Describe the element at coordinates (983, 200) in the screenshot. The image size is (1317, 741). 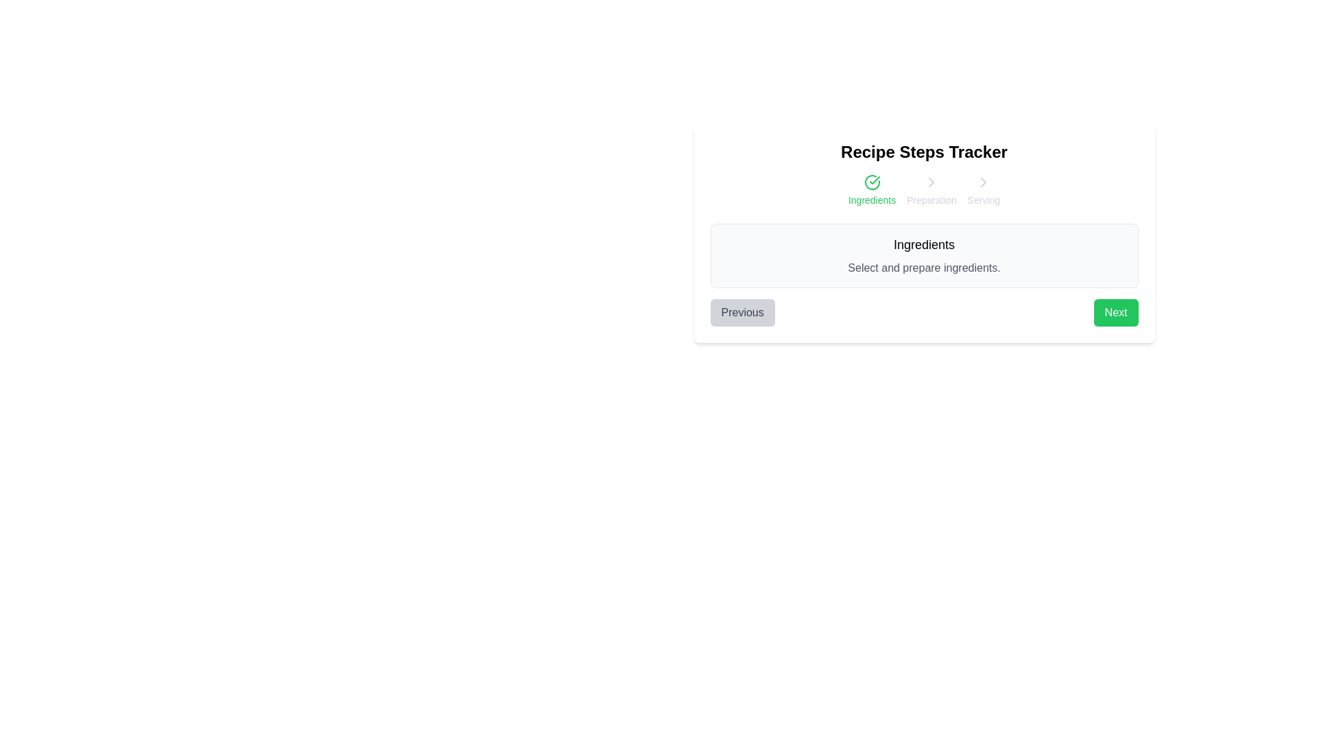
I see `the 'Serving' step label in the recipe preparation process, which is located in the middle-right section of the display interface below the chevron-right icon and after the 'Ingredients' and 'Preparation' steps` at that location.